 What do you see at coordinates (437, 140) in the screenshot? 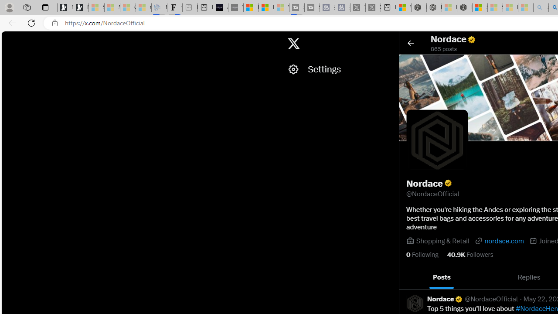
I see `'Square profile picture and Opens profile photo'` at bounding box center [437, 140].